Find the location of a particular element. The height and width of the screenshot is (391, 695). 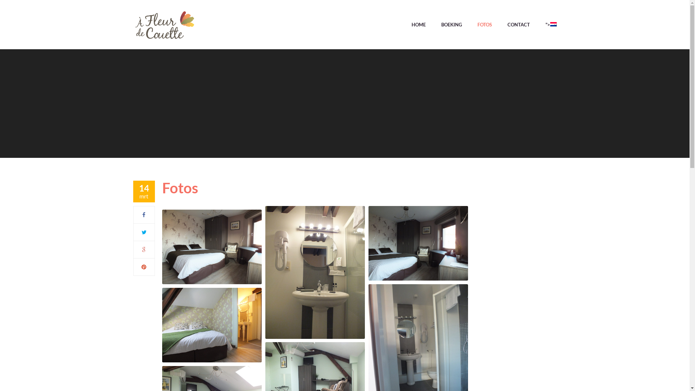

'Google Plus' is located at coordinates (144, 249).